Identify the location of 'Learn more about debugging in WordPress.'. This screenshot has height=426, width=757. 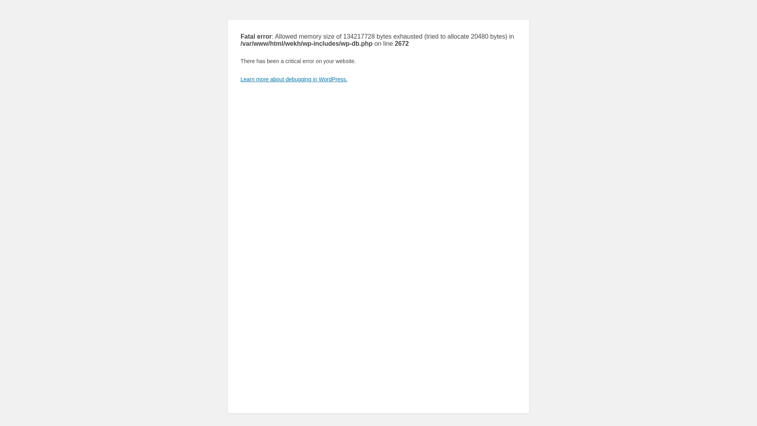
(293, 79).